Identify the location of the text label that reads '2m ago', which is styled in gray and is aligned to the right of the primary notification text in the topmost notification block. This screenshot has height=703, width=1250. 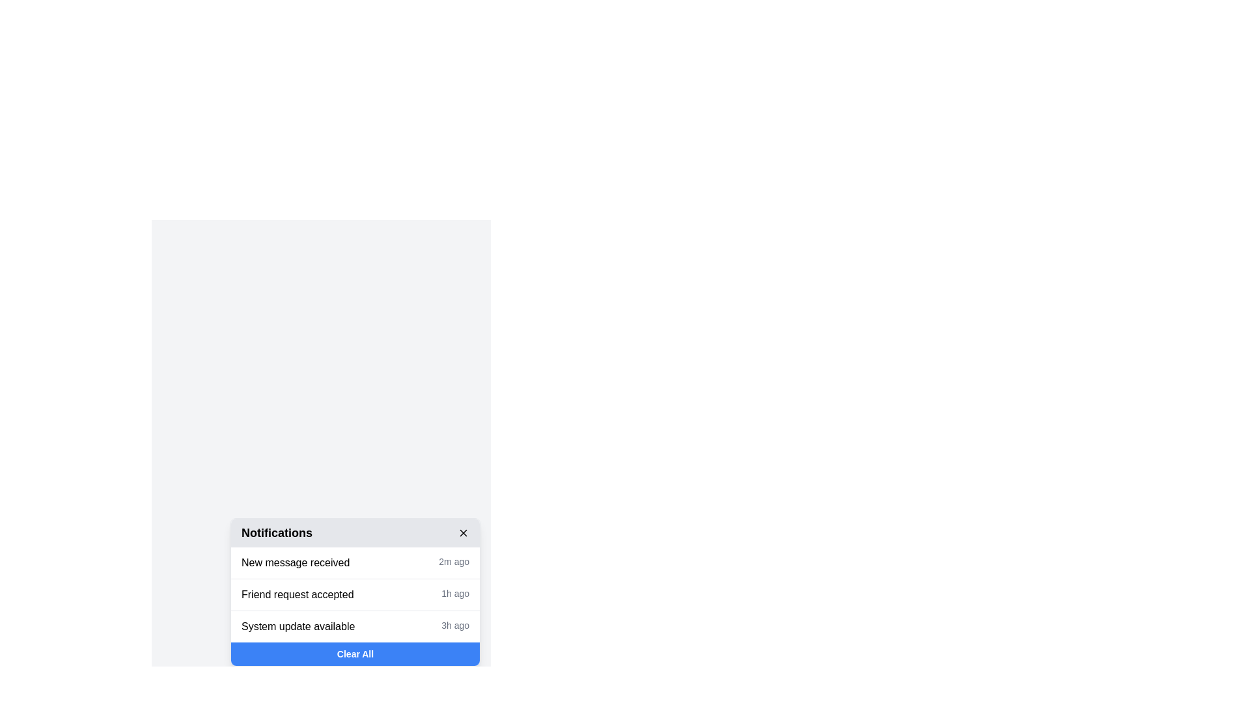
(454, 562).